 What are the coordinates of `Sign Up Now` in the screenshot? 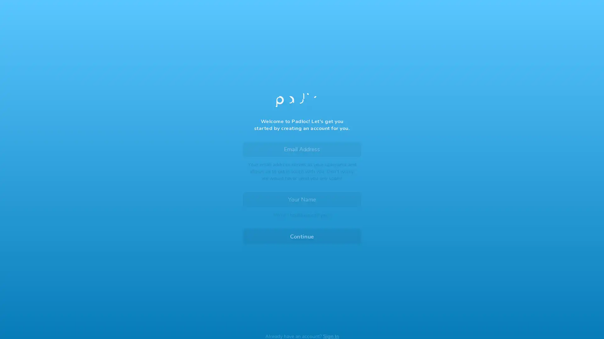 It's located at (302, 221).